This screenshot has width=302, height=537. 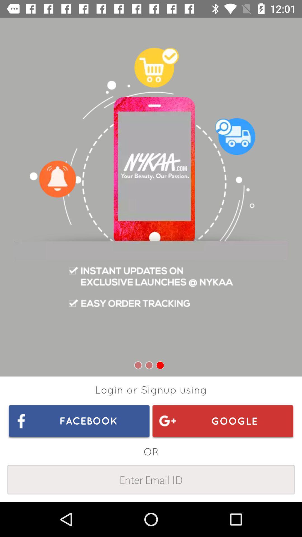 I want to click on the facebook icon, so click(x=79, y=421).